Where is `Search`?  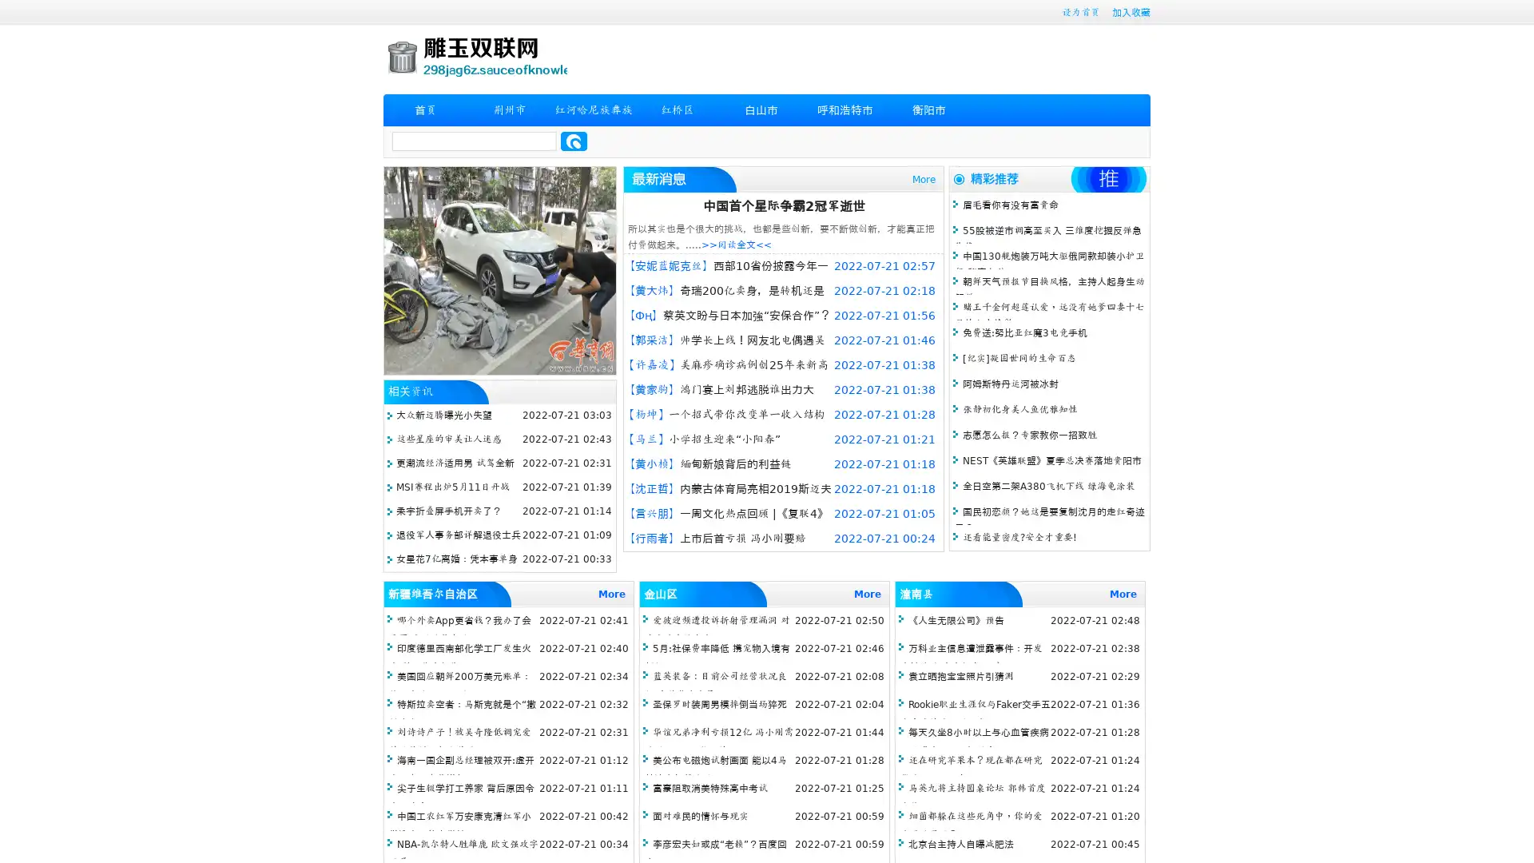 Search is located at coordinates (574, 141).